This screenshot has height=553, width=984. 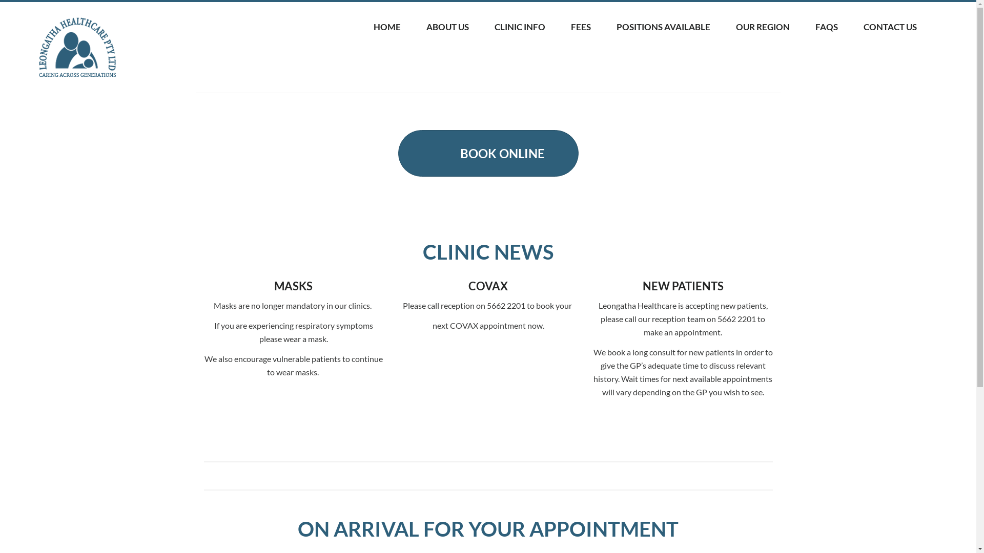 I want to click on 'CLINIC INFO', so click(x=481, y=27).